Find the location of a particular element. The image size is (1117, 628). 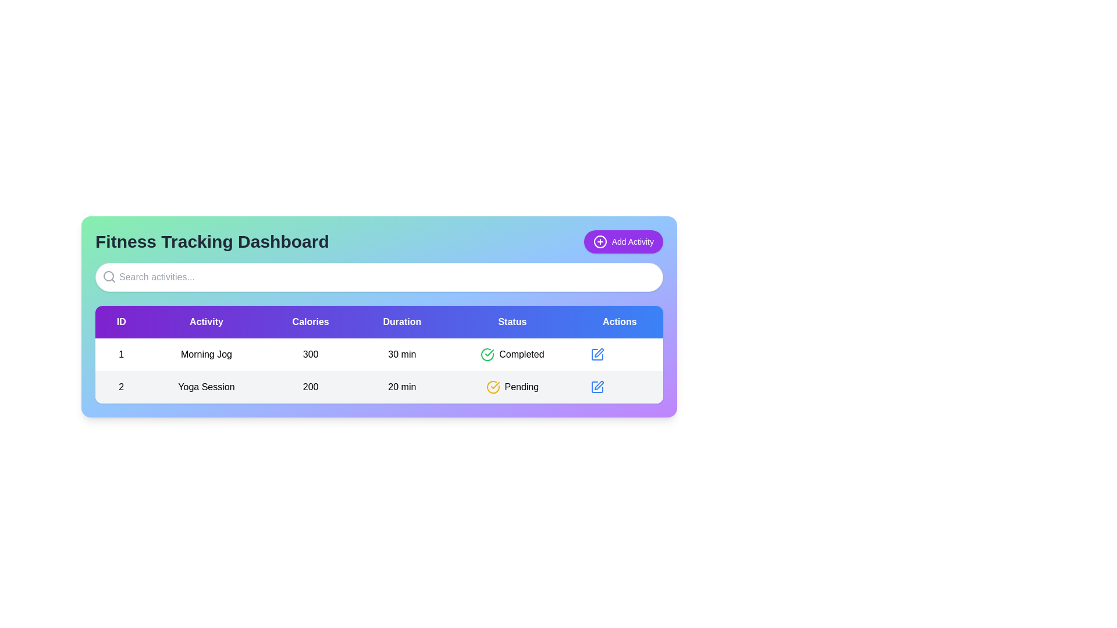

the text display showing the calorie count for 'Yoga Session' in the third column of the second row of the table, which is located below the 'Calories' header is located at coordinates (311, 387).